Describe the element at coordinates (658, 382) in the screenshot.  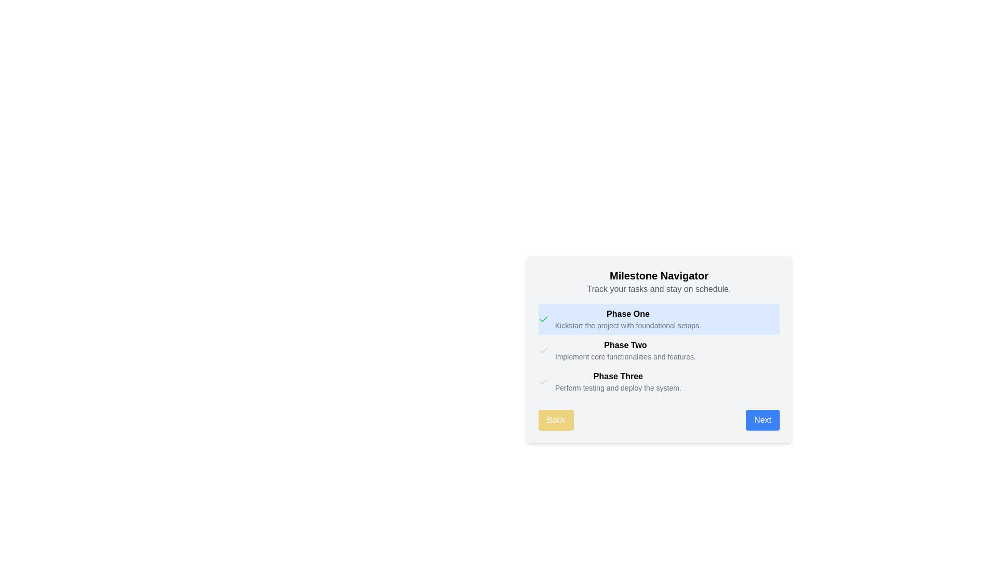
I see `information presented in the third phase of the process, which is a text-based list item with an icon located below 'Phase Two'` at that location.